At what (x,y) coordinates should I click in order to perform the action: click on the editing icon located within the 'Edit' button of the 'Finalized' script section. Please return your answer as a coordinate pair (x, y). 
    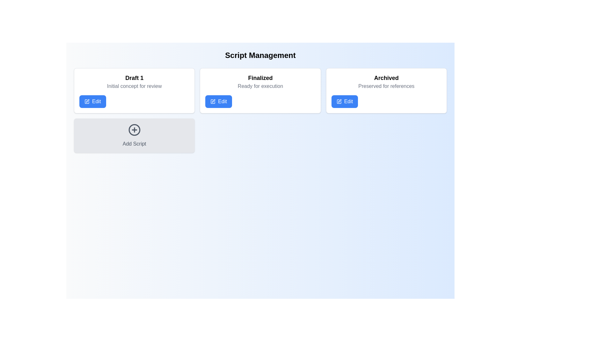
    Looking at the image, I should click on (213, 101).